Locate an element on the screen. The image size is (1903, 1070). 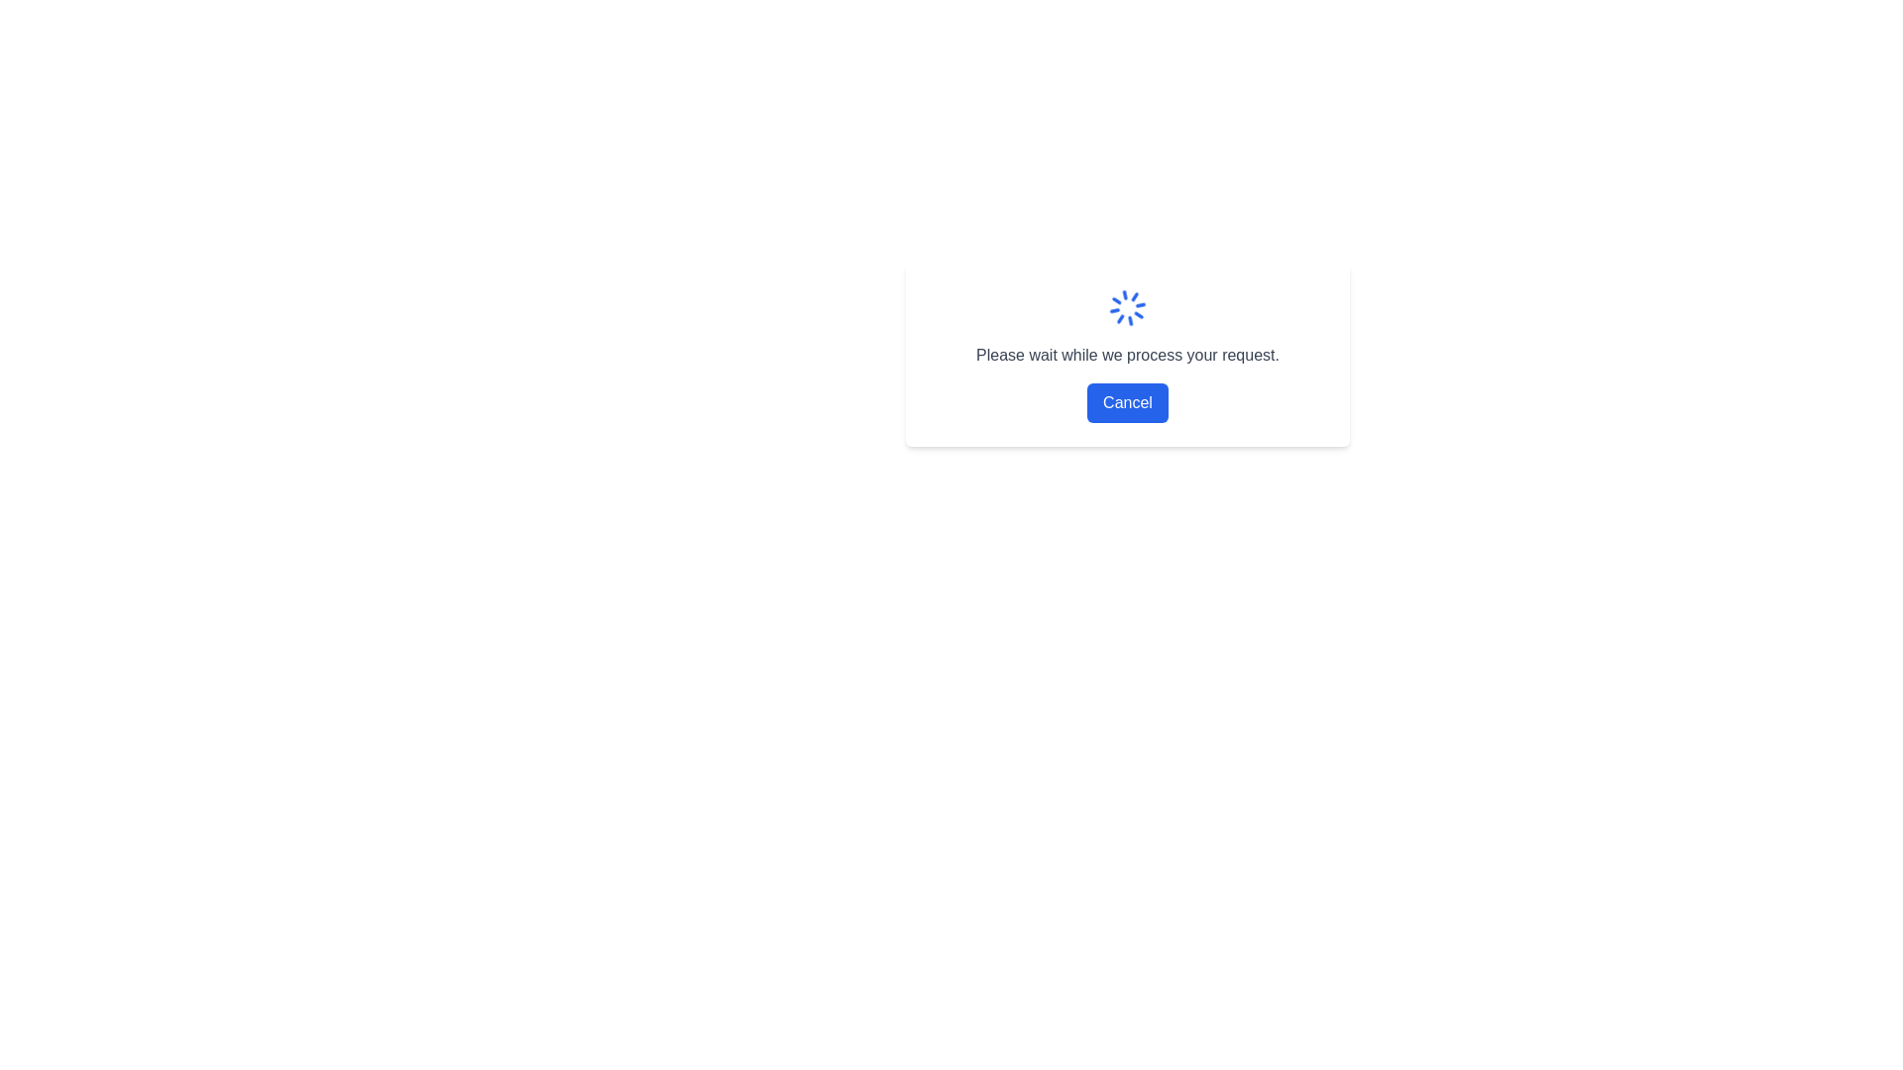
the informational Text label indicating that the system is processing the user's request, located between the loading spinner and the 'Cancel' button is located at coordinates (1127, 354).